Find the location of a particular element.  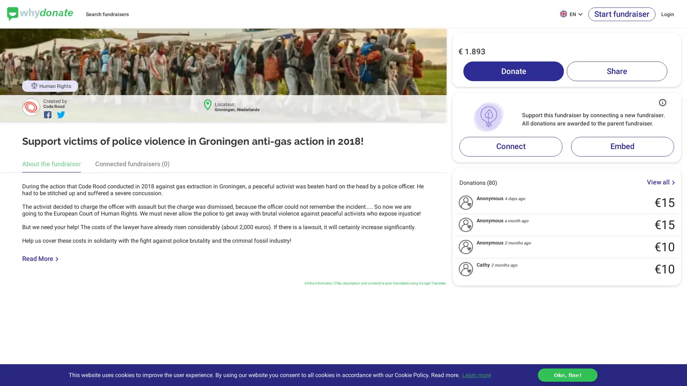

Start fundraiser is located at coordinates (621, 14).